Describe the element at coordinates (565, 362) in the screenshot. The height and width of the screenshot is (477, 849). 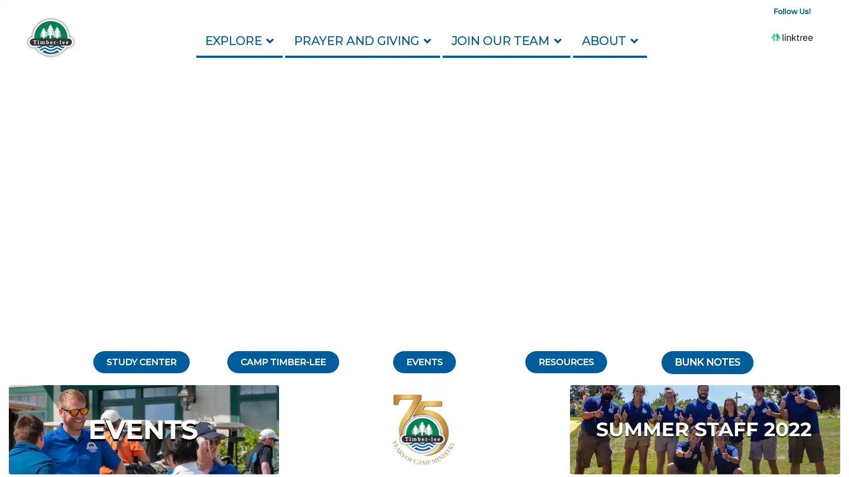
I see `RESOURCES` at that location.